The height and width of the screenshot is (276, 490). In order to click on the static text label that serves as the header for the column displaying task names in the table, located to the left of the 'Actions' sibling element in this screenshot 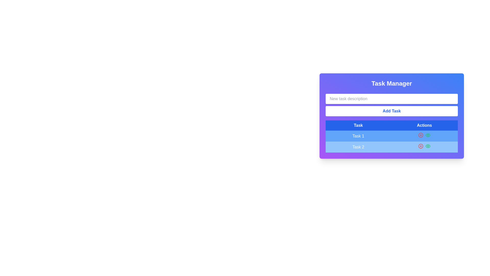, I will do `click(358, 125)`.